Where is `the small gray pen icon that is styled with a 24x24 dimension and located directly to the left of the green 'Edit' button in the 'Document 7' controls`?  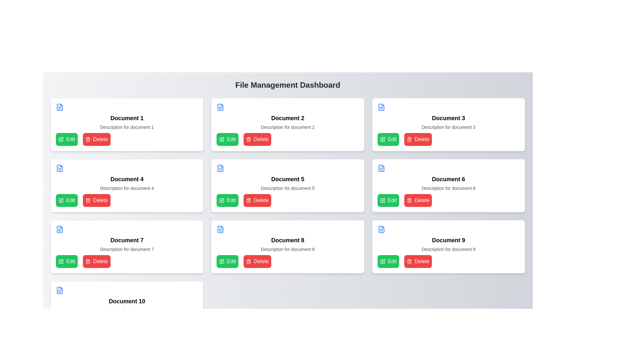 the small gray pen icon that is styled with a 24x24 dimension and located directly to the left of the green 'Edit' button in the 'Document 7' controls is located at coordinates (61, 261).